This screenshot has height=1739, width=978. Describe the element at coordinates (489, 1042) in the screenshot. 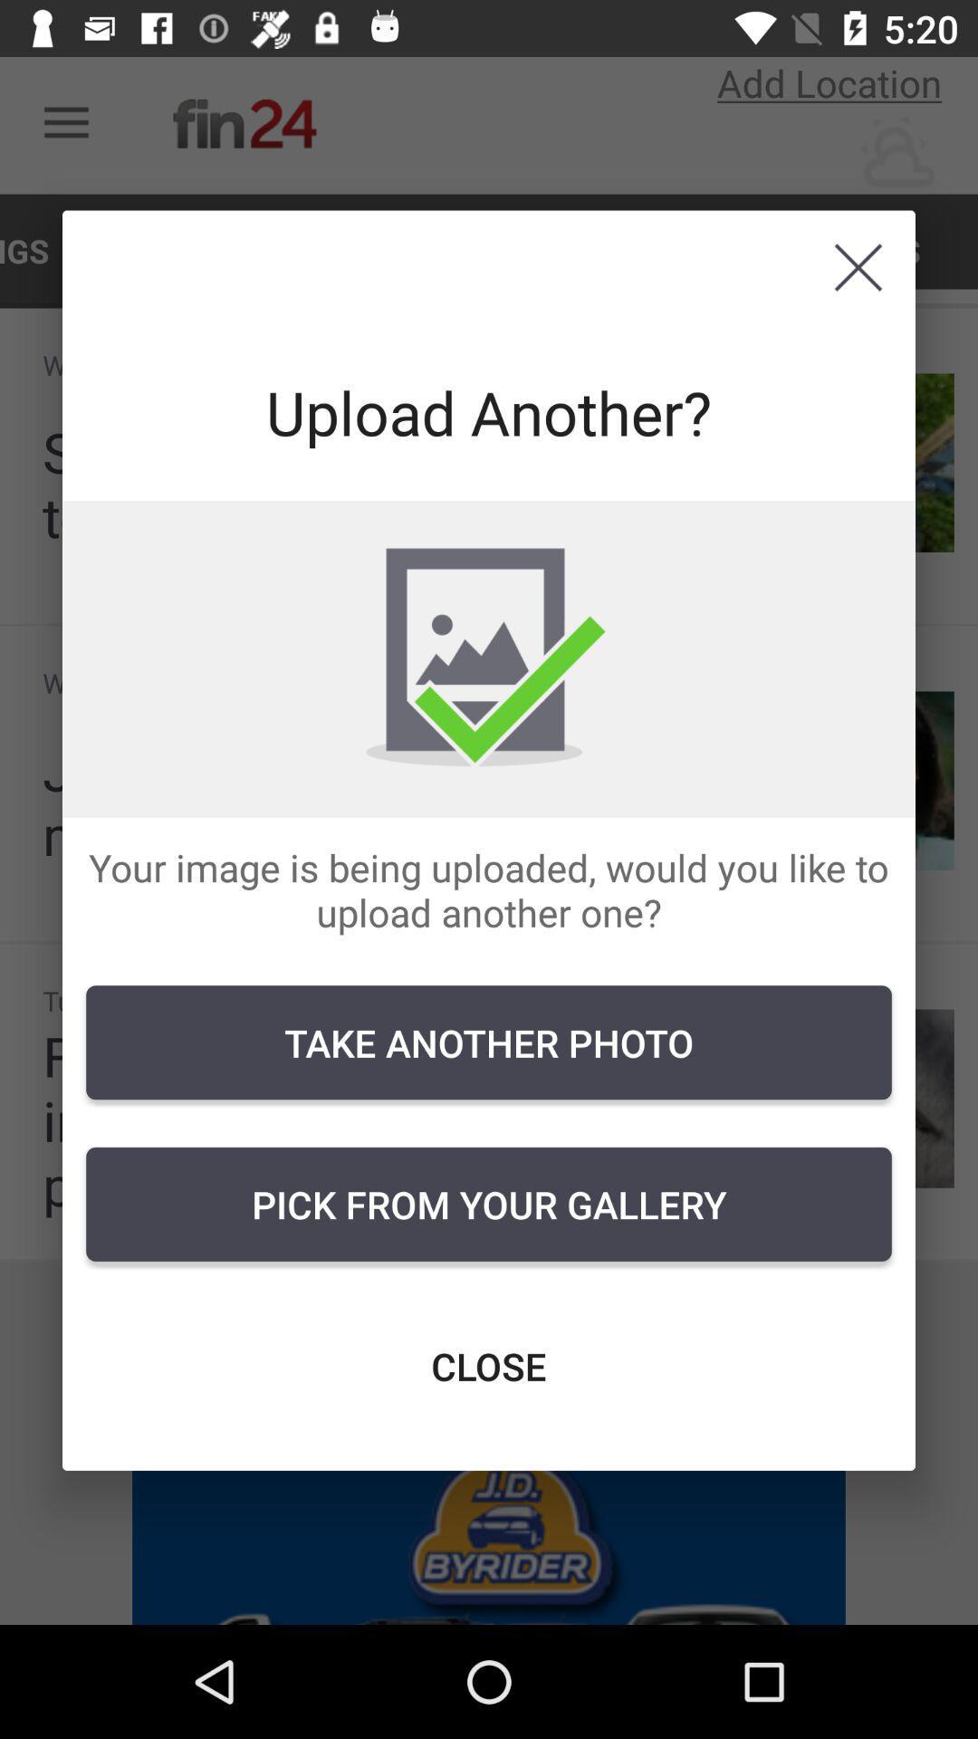

I see `icon above pick from your icon` at that location.